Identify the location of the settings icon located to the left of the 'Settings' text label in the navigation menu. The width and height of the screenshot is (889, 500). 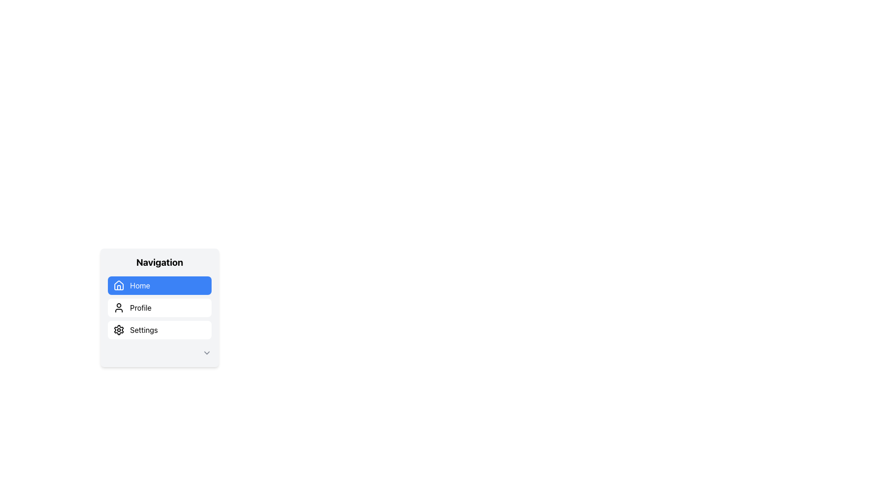
(119, 330).